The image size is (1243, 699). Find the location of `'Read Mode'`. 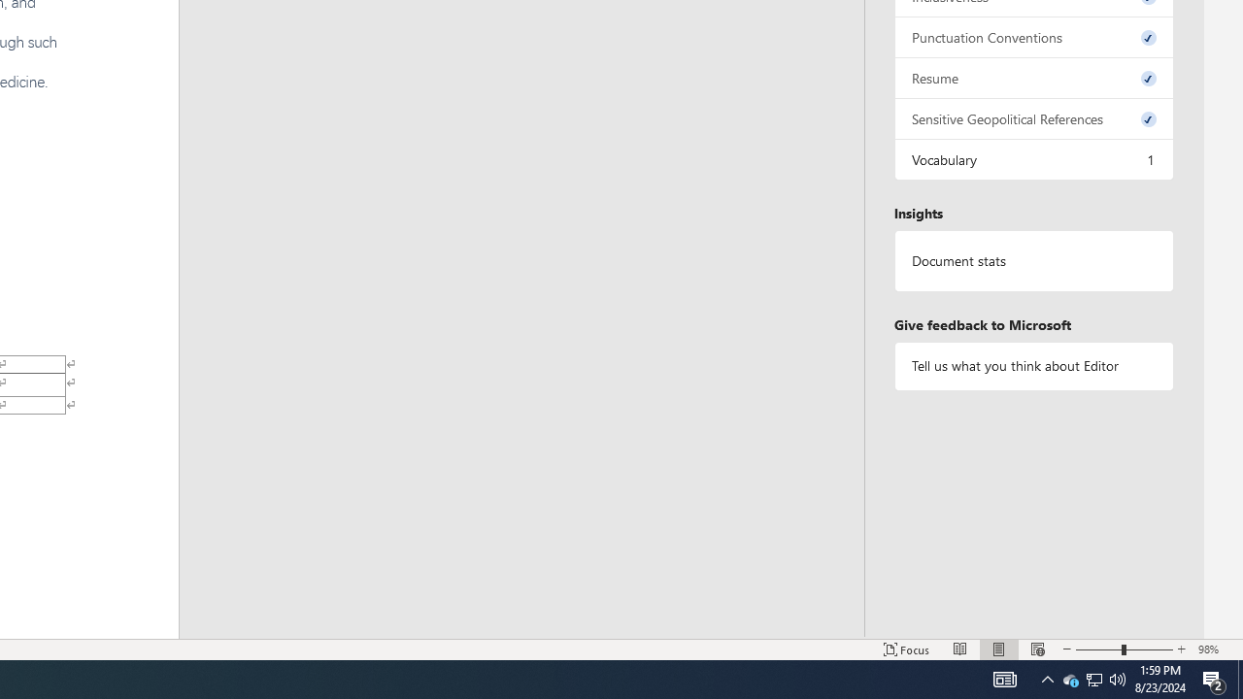

'Read Mode' is located at coordinates (959, 649).